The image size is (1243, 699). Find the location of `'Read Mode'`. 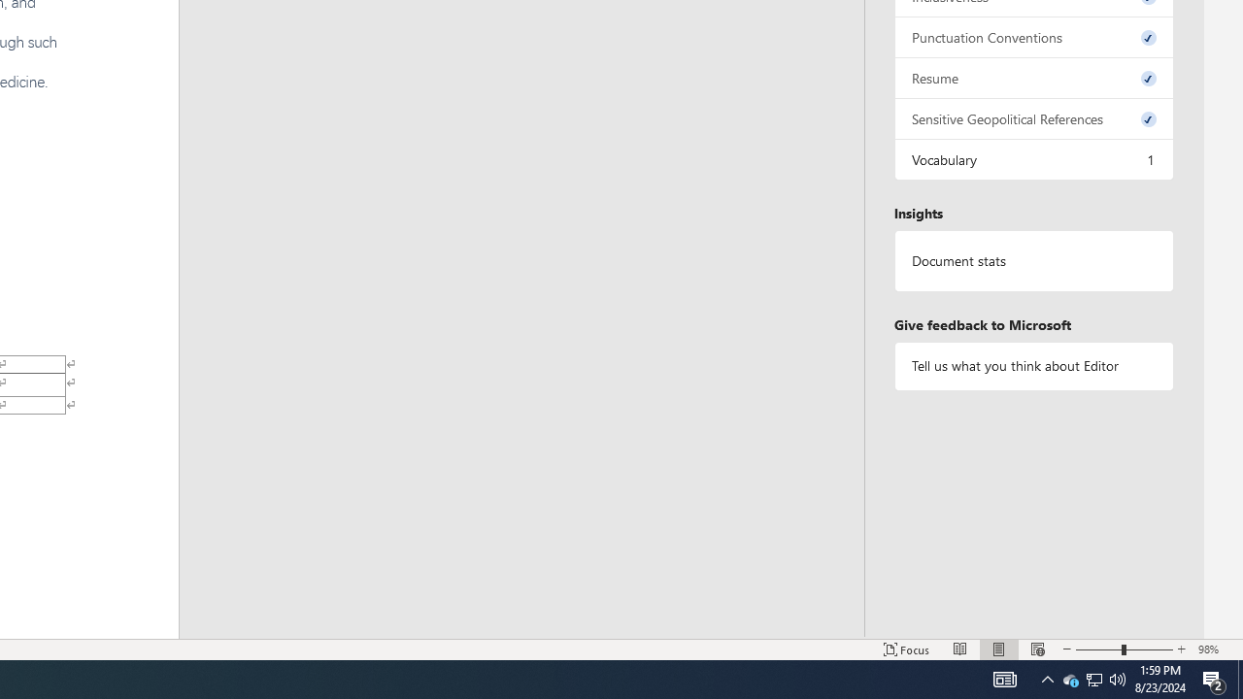

'Read Mode' is located at coordinates (959, 649).